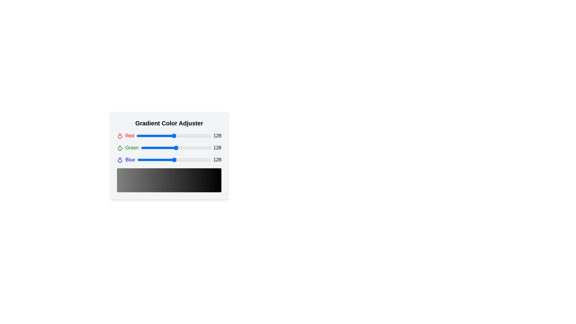 This screenshot has width=576, height=324. What do you see at coordinates (177, 136) in the screenshot?
I see `the red color slider to 141` at bounding box center [177, 136].